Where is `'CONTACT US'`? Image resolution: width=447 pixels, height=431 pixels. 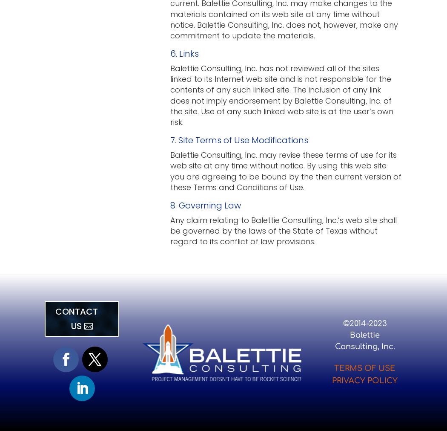
'CONTACT US' is located at coordinates (76, 318).